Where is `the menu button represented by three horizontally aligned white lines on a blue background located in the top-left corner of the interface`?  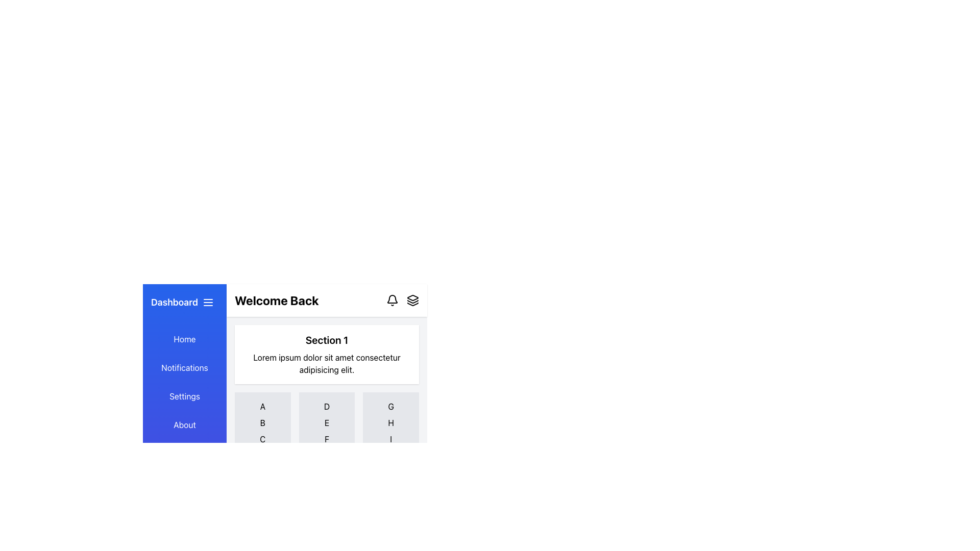
the menu button represented by three horizontally aligned white lines on a blue background located in the top-left corner of the interface is located at coordinates (208, 302).